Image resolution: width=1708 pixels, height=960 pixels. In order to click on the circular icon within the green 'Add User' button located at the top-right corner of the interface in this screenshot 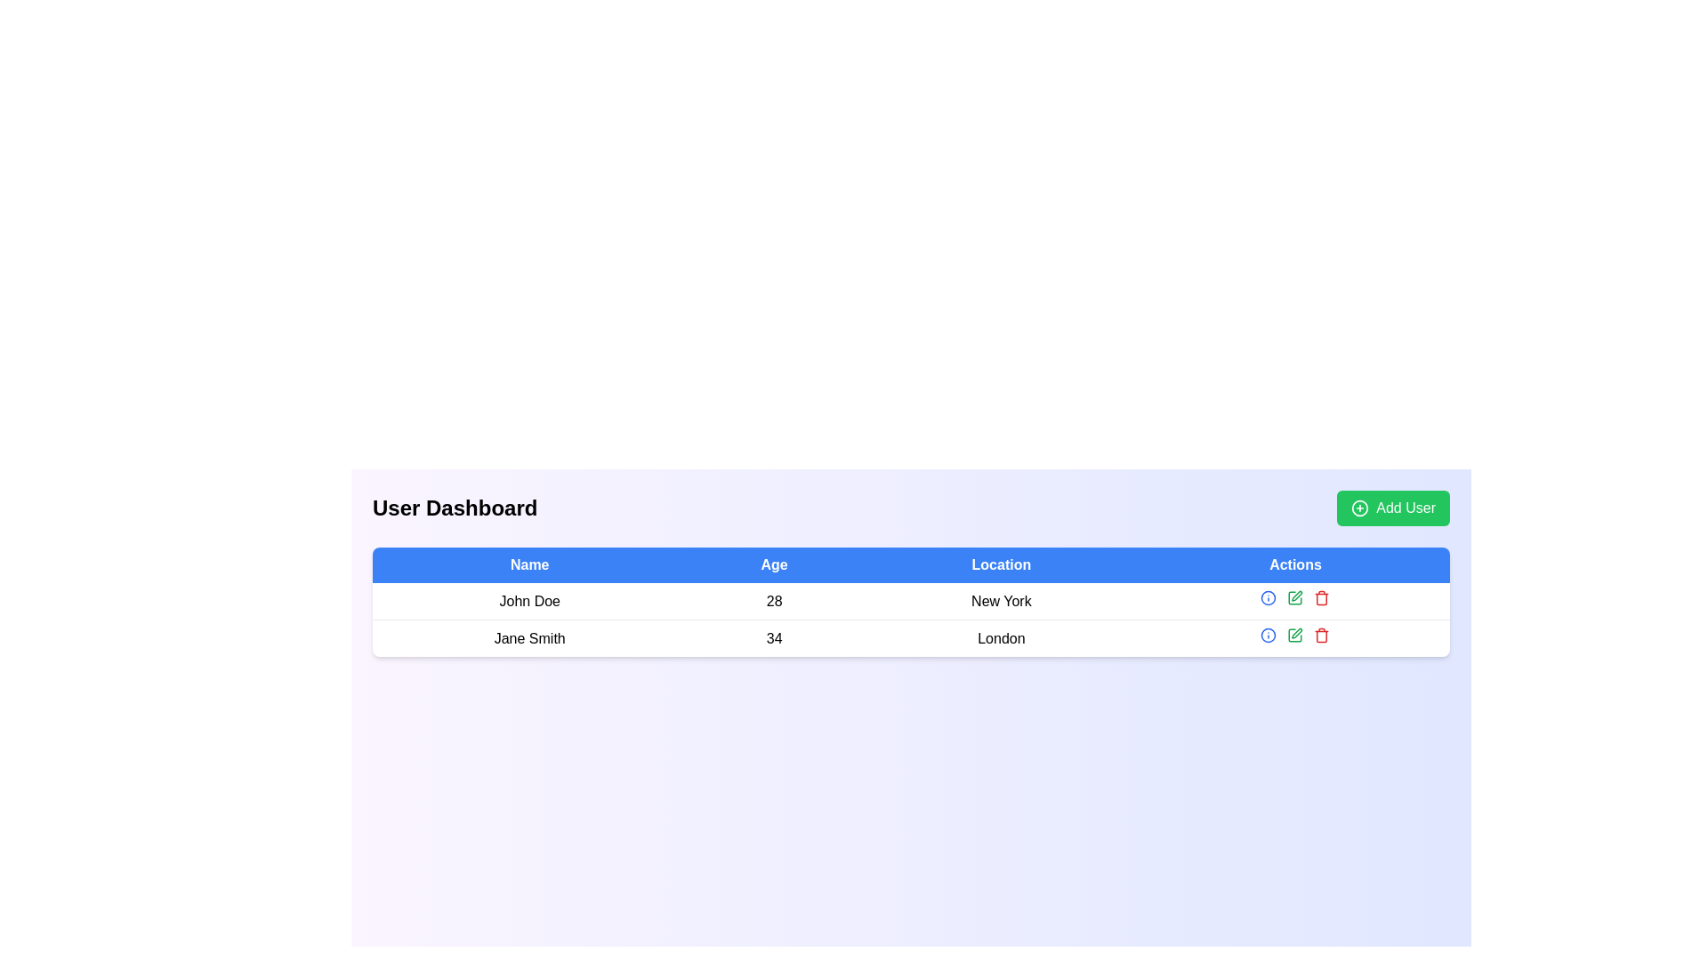, I will do `click(1359, 508)`.